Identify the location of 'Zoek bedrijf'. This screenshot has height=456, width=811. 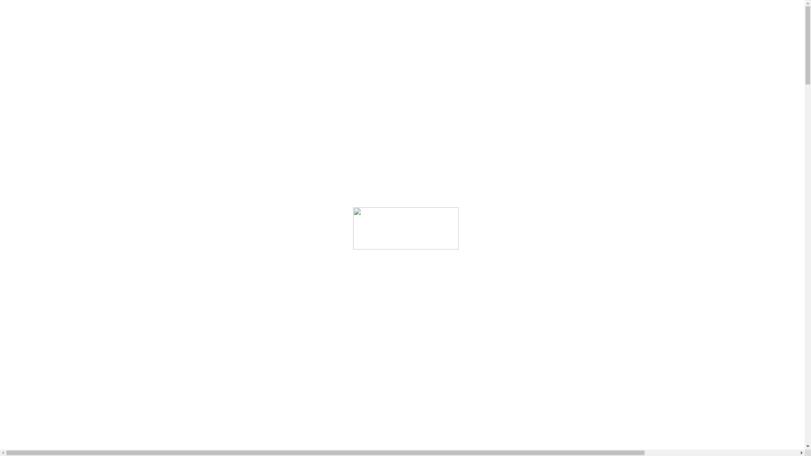
(20, 119).